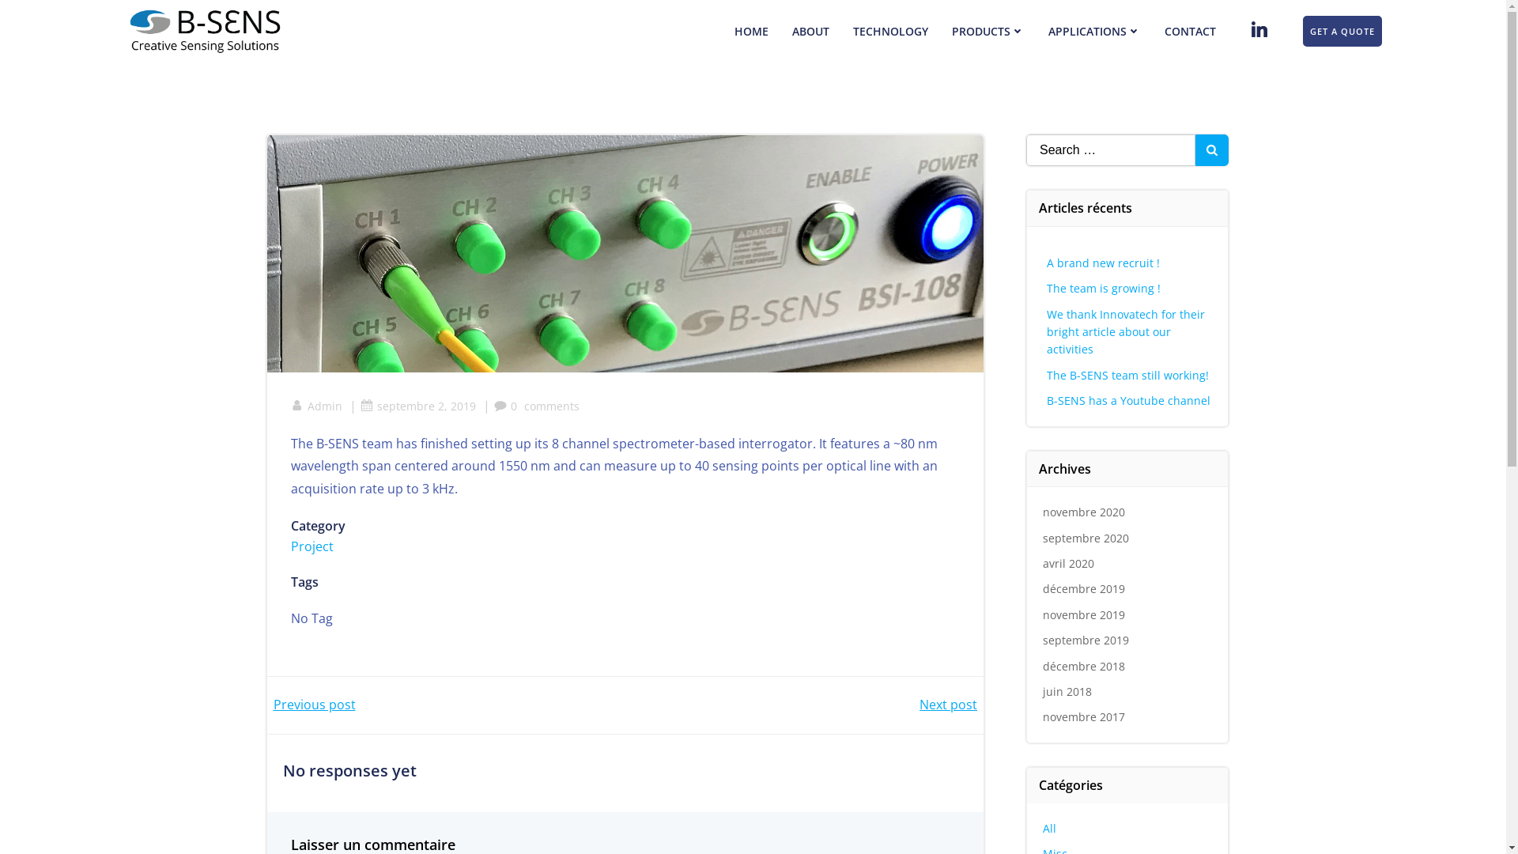 Image resolution: width=1518 pixels, height=854 pixels. Describe the element at coordinates (1083, 614) in the screenshot. I see `'novembre 2019'` at that location.